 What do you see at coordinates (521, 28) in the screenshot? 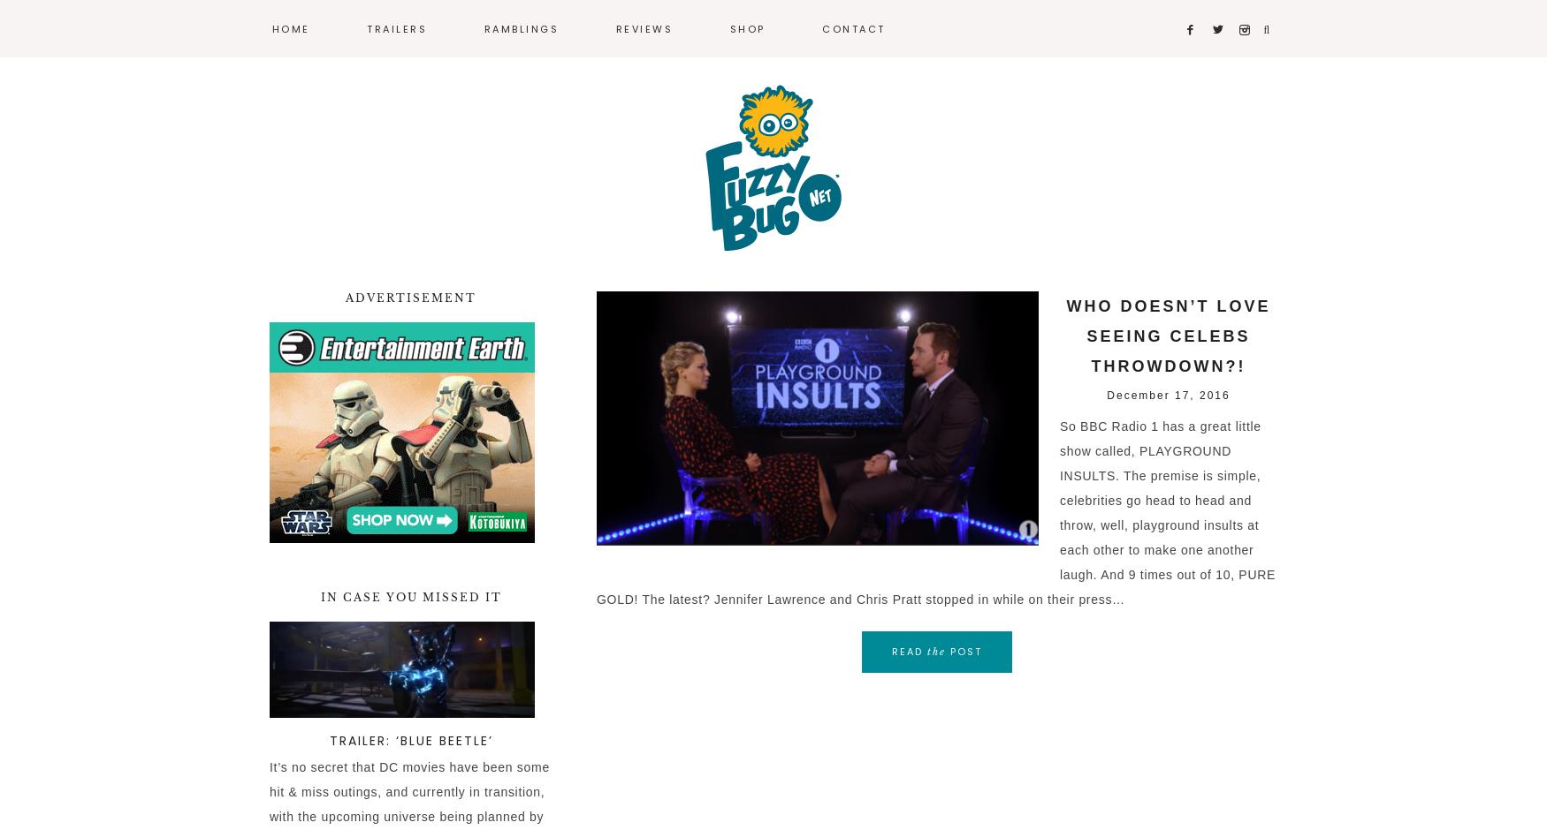
I see `'Ramblings'` at bounding box center [521, 28].